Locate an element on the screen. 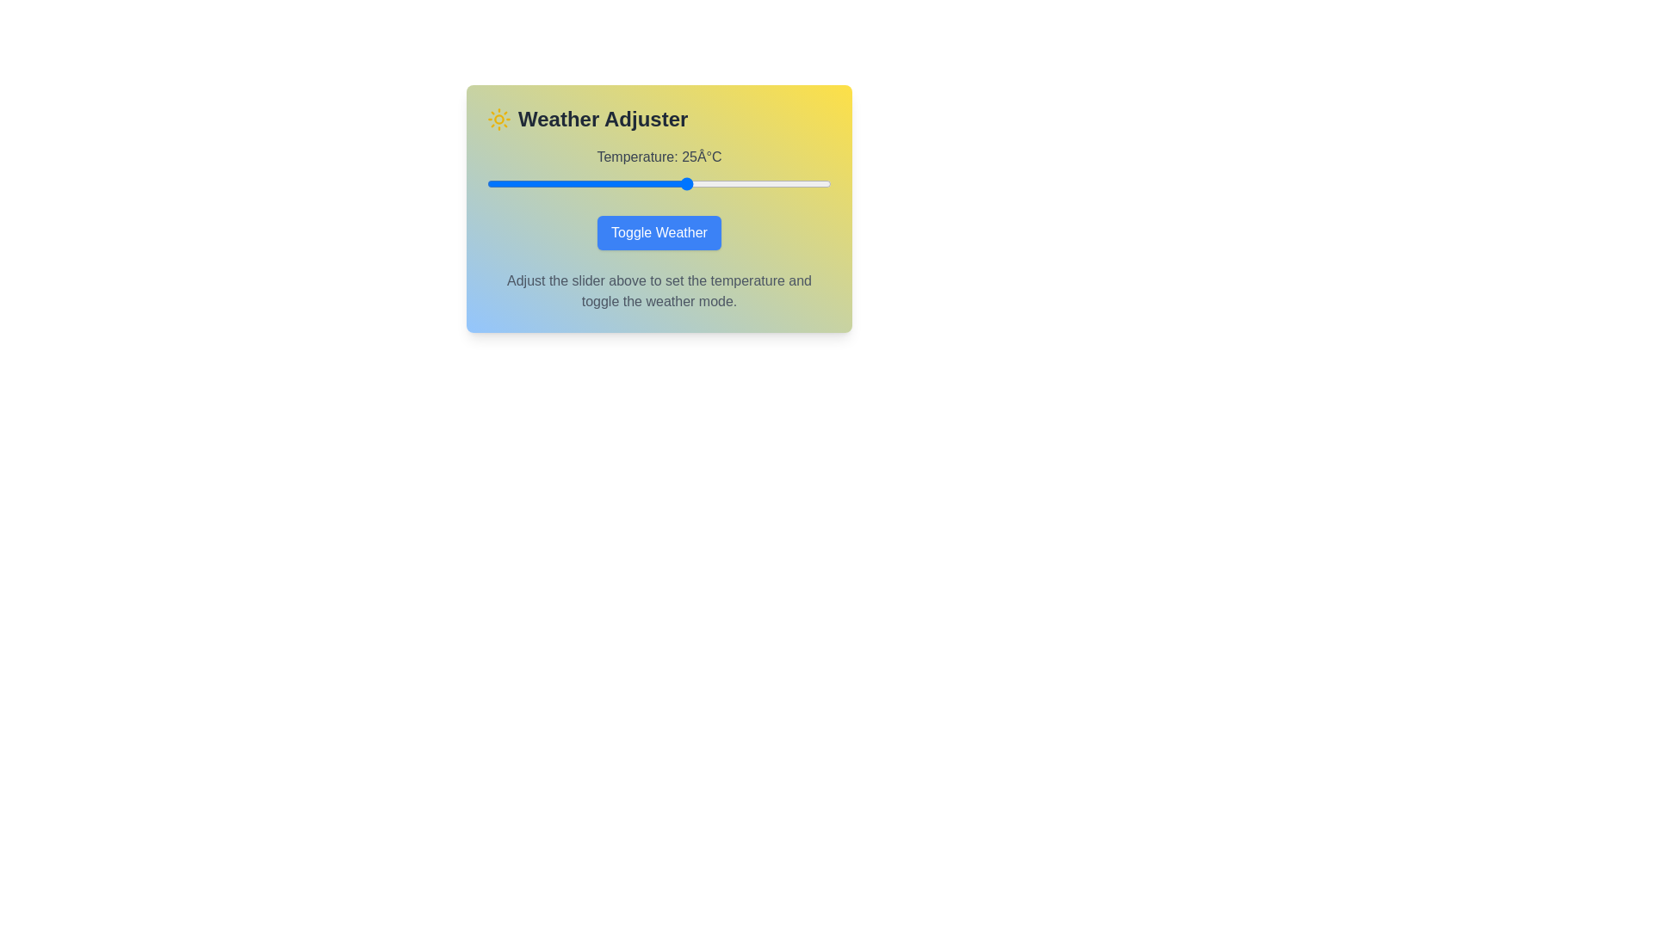  the temperature slider to set the temperature to 37°C is located at coordinates (757, 183).